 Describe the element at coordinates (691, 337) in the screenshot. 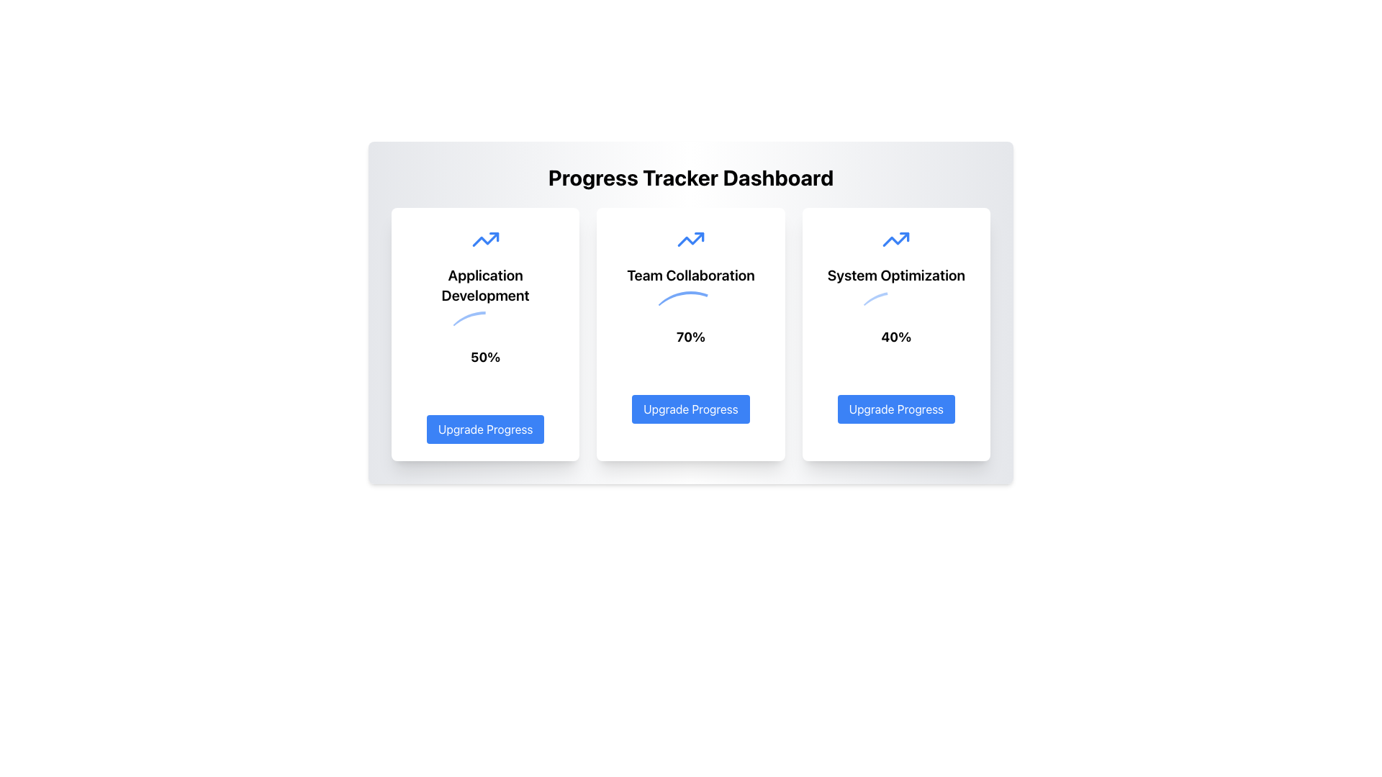

I see `the circular progress indicator showing '70%' in the 'Team Collaboration' card of the Progress Tracker Dashboard` at that location.